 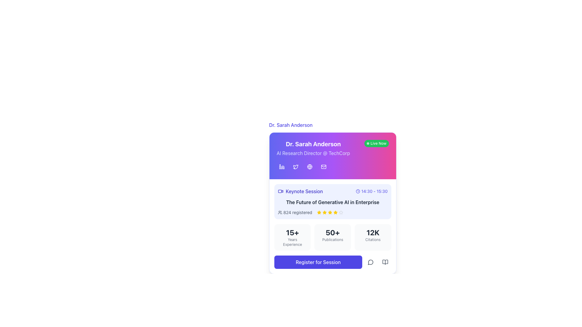 What do you see at coordinates (332, 167) in the screenshot?
I see `the last circular button in the row containing social media icons, which has a colorful gradient background transitioning from blue to pink` at bounding box center [332, 167].